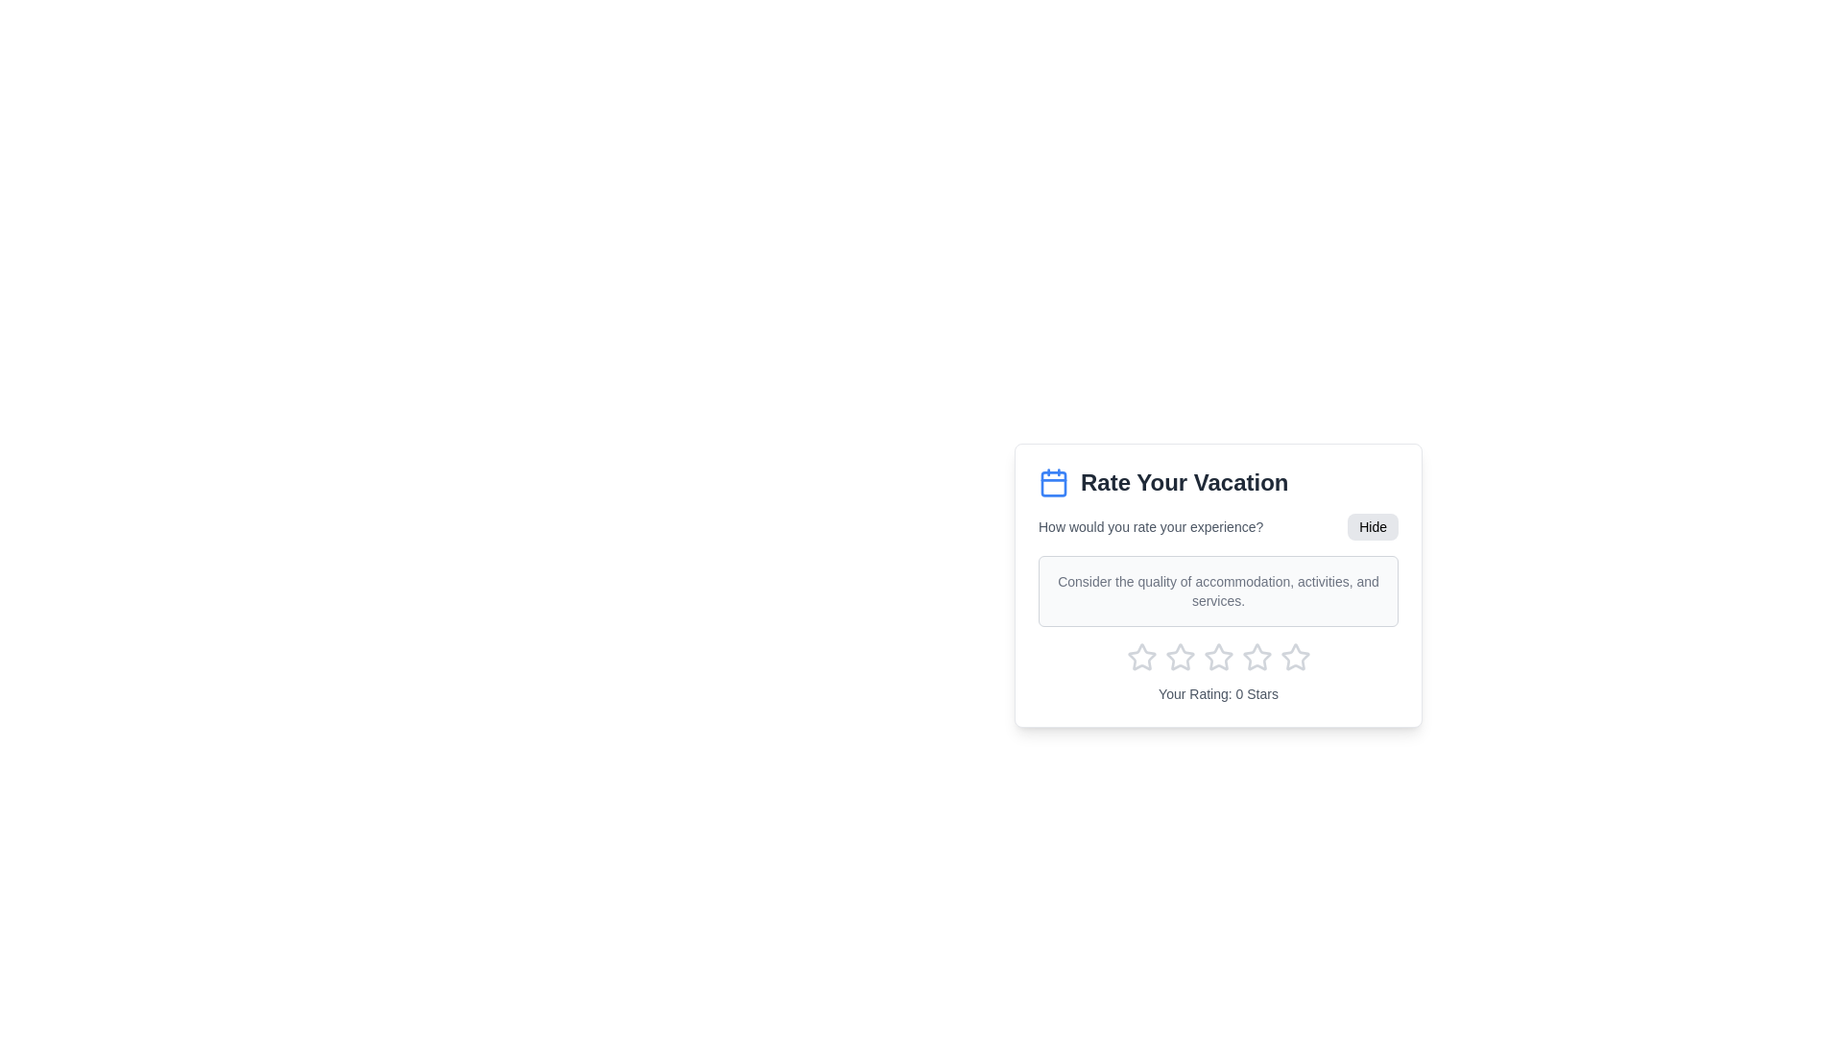 Image resolution: width=1843 pixels, height=1037 pixels. I want to click on the fifth star icon, so click(1257, 657).